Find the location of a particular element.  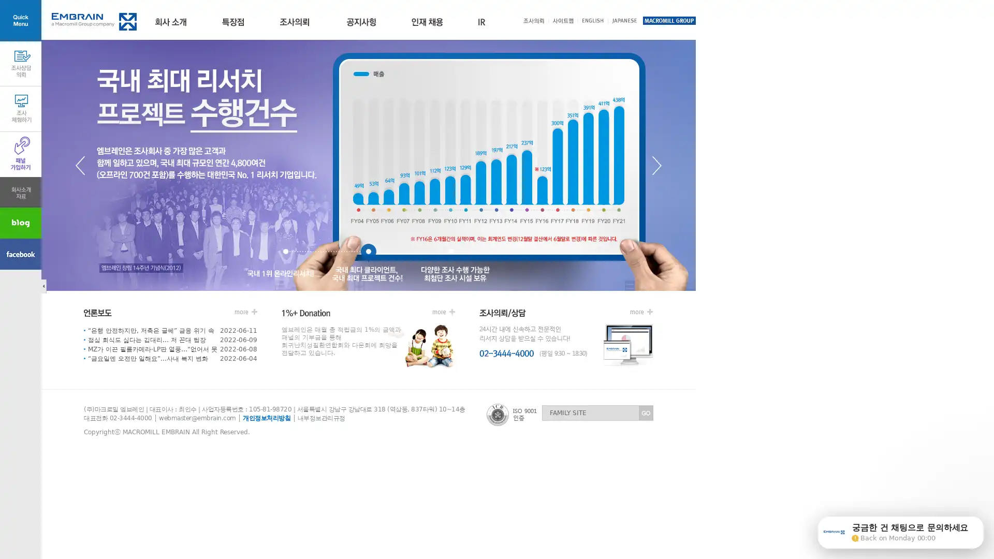

3 is located at coordinates (451, 253).